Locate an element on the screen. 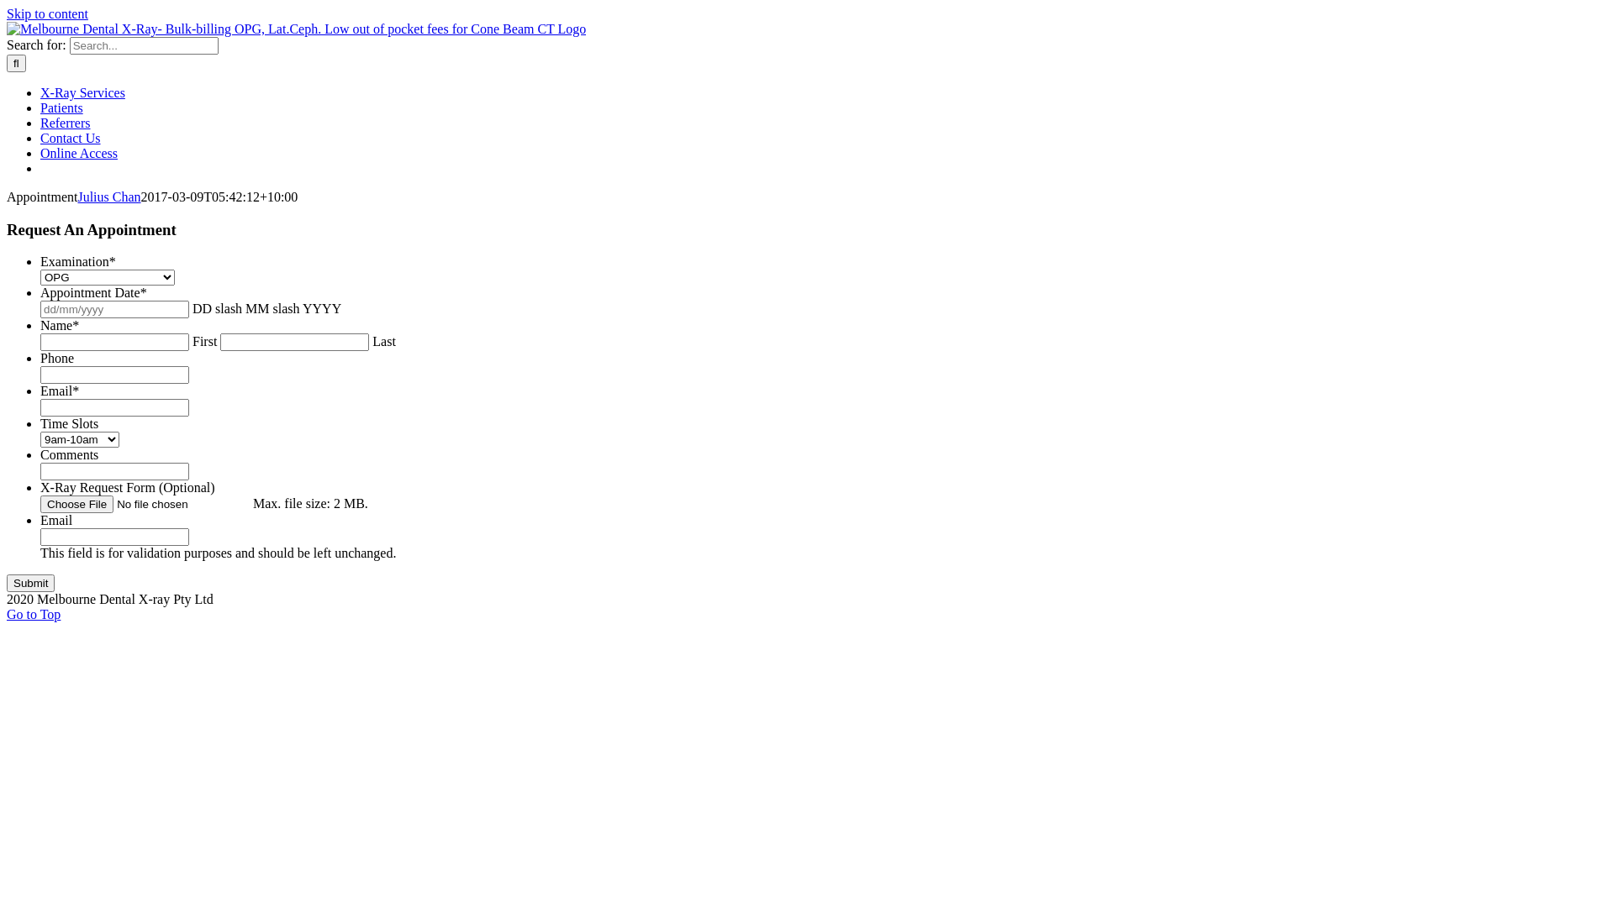 This screenshot has height=907, width=1614. 'Submit' is located at coordinates (30, 582).